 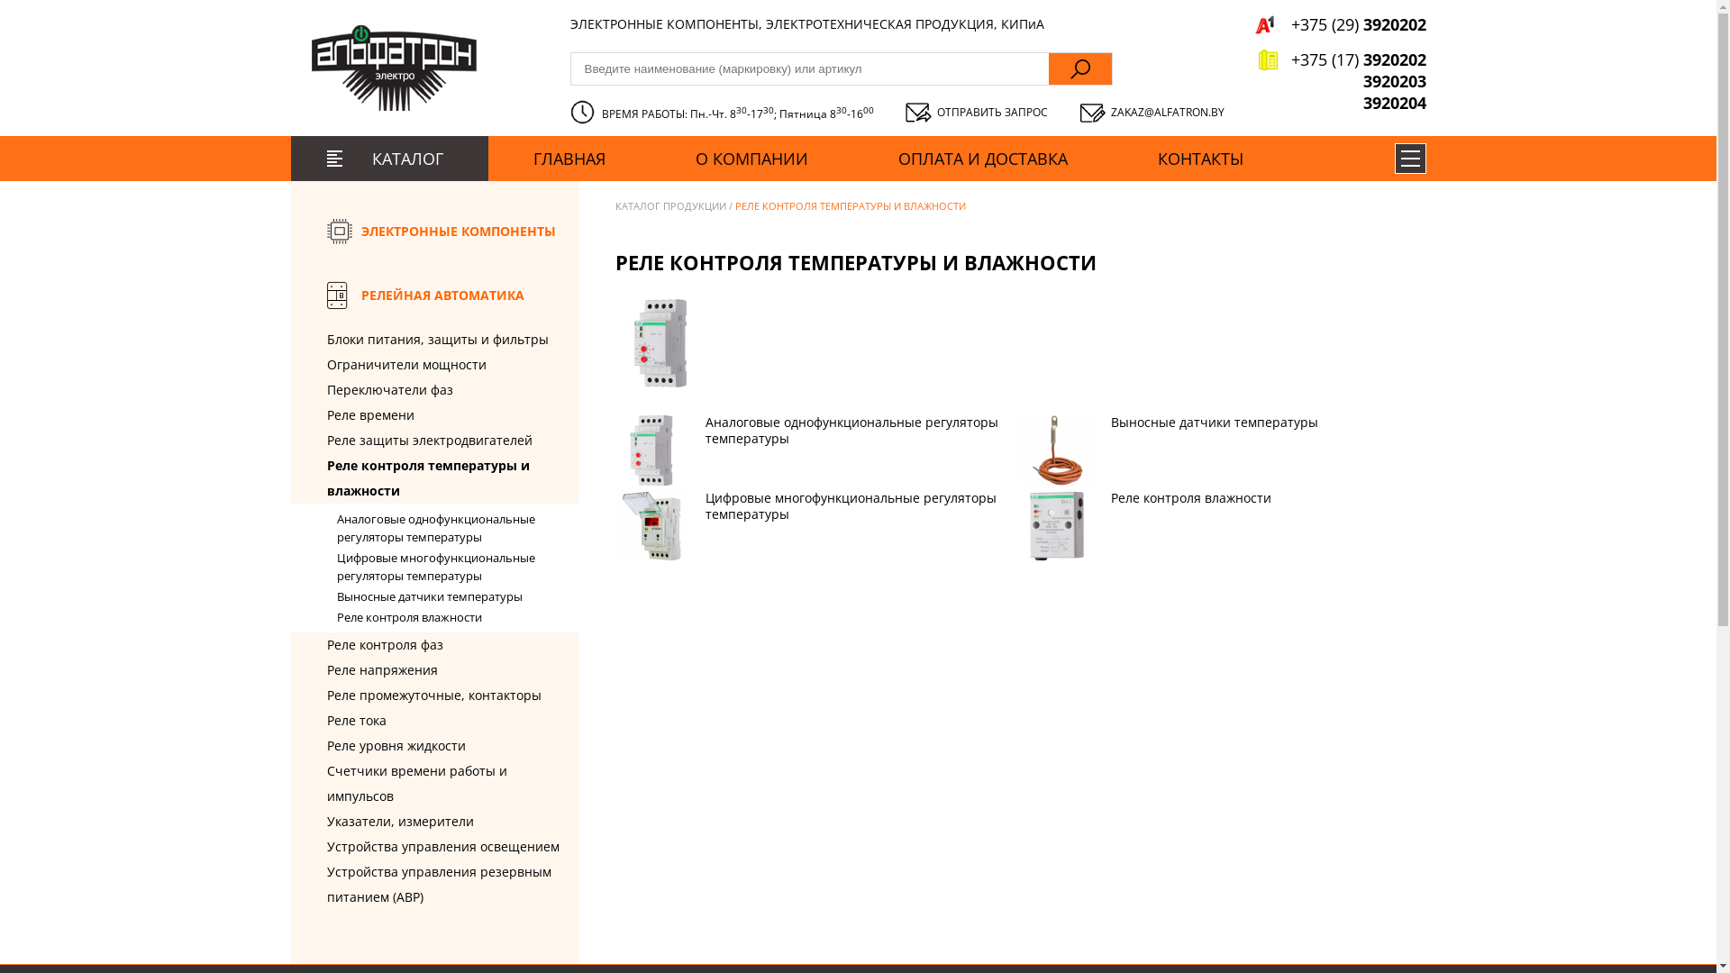 I want to click on '+375 (29) 3920202', so click(x=1340, y=24).